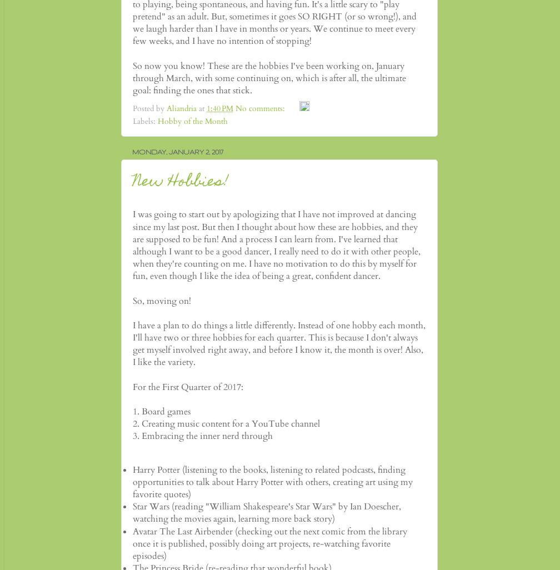 The width and height of the screenshot is (560, 570). Describe the element at coordinates (149, 107) in the screenshot. I see `'Posted by'` at that location.